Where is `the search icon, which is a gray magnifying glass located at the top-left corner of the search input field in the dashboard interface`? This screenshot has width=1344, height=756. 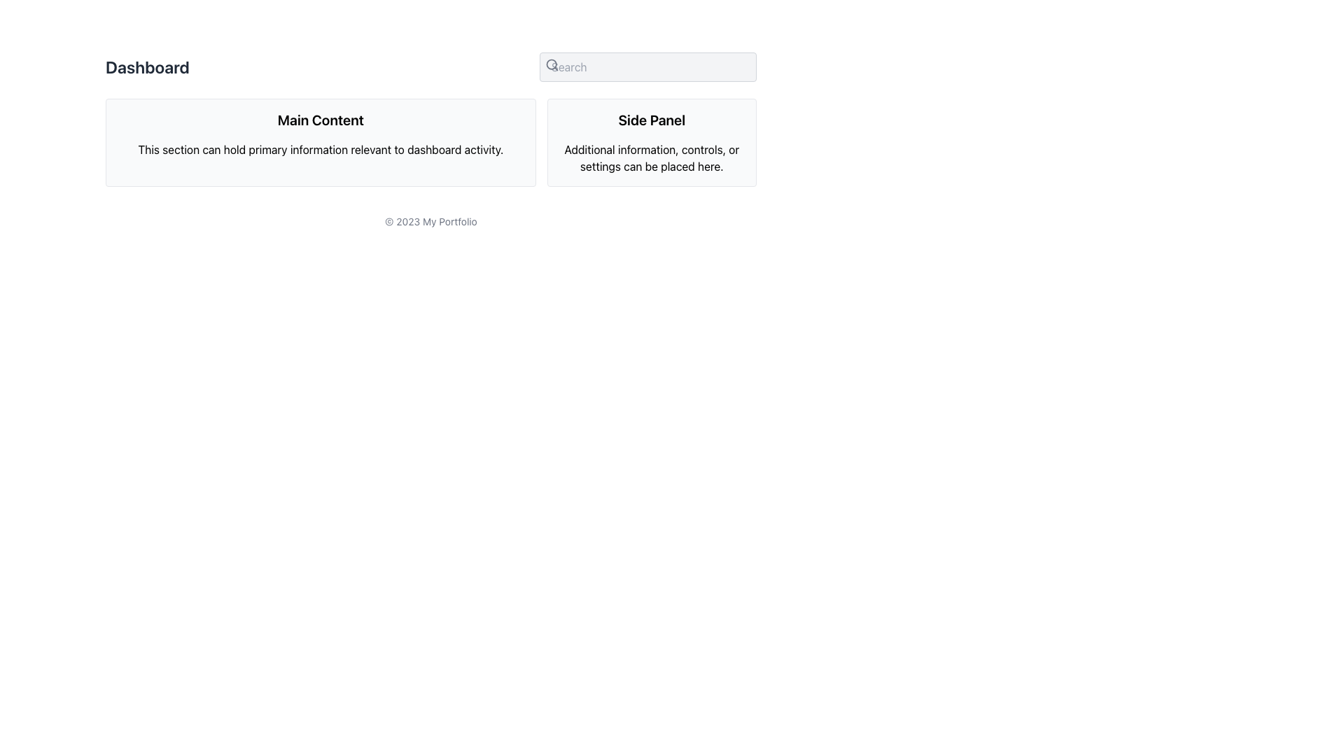
the search icon, which is a gray magnifying glass located at the top-left corner of the search input field in the dashboard interface is located at coordinates (551, 64).